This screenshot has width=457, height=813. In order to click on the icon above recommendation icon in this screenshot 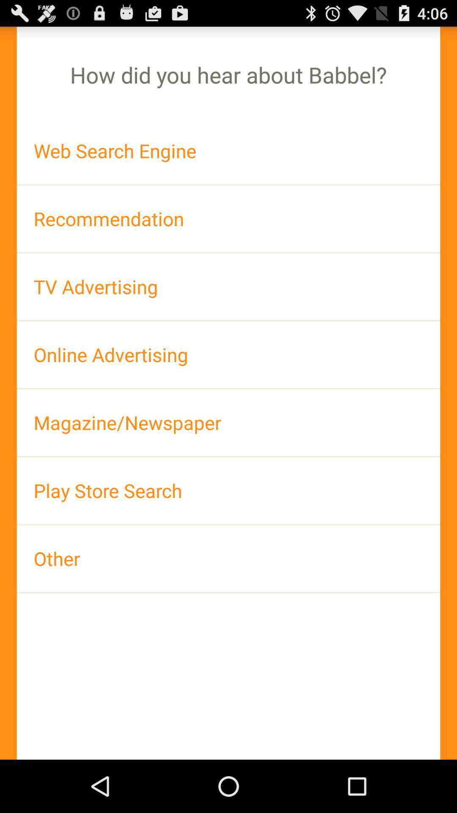, I will do `click(228, 151)`.